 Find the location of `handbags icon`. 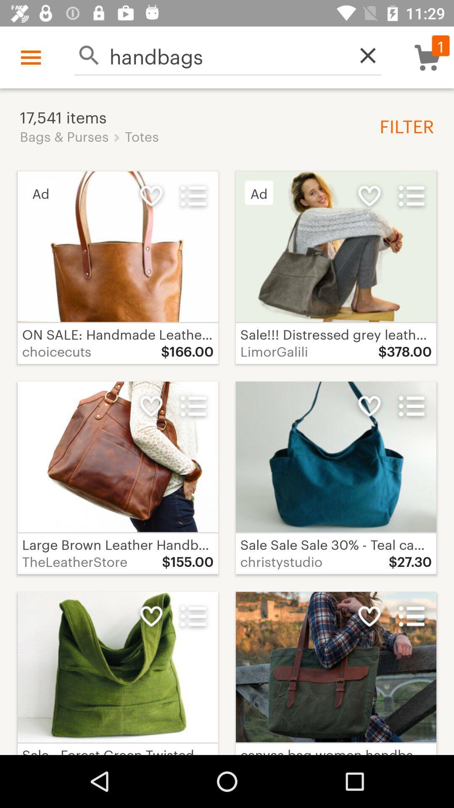

handbags icon is located at coordinates (227, 55).